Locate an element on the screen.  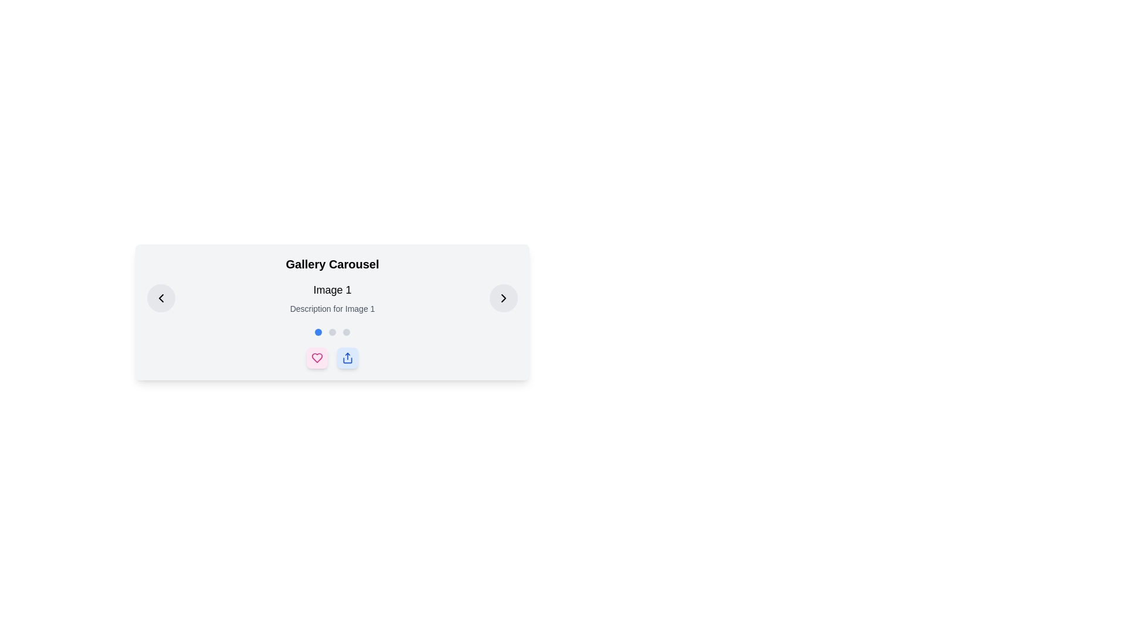
the label displaying 'Description for Image 1', which is styled with a smaller font size and gray color, located below the 'Image 1' label within the 'Gallery Carousel' card is located at coordinates (331, 308).